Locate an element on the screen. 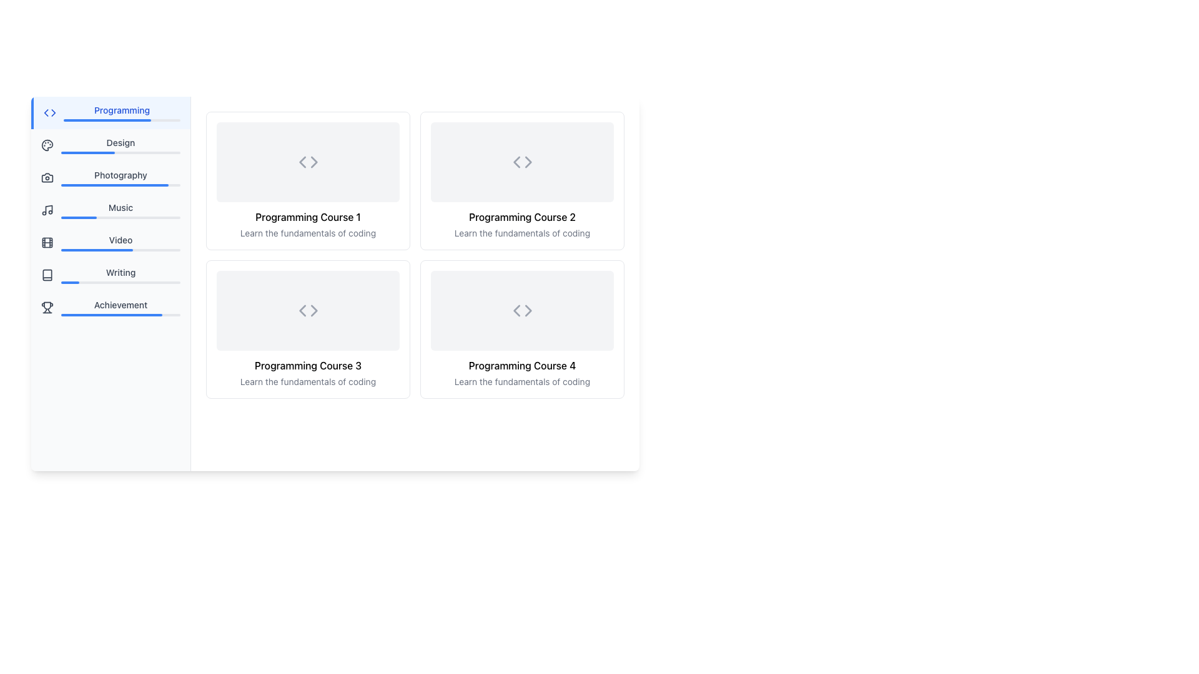 The width and height of the screenshot is (1199, 674). the progress bar is located at coordinates (118, 250).